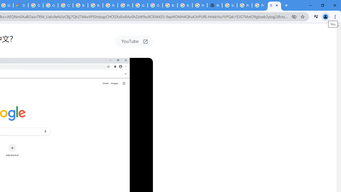 The width and height of the screenshot is (341, 192). What do you see at coordinates (140, 5) in the screenshot?
I see `'Google Cloud Platform'` at bounding box center [140, 5].